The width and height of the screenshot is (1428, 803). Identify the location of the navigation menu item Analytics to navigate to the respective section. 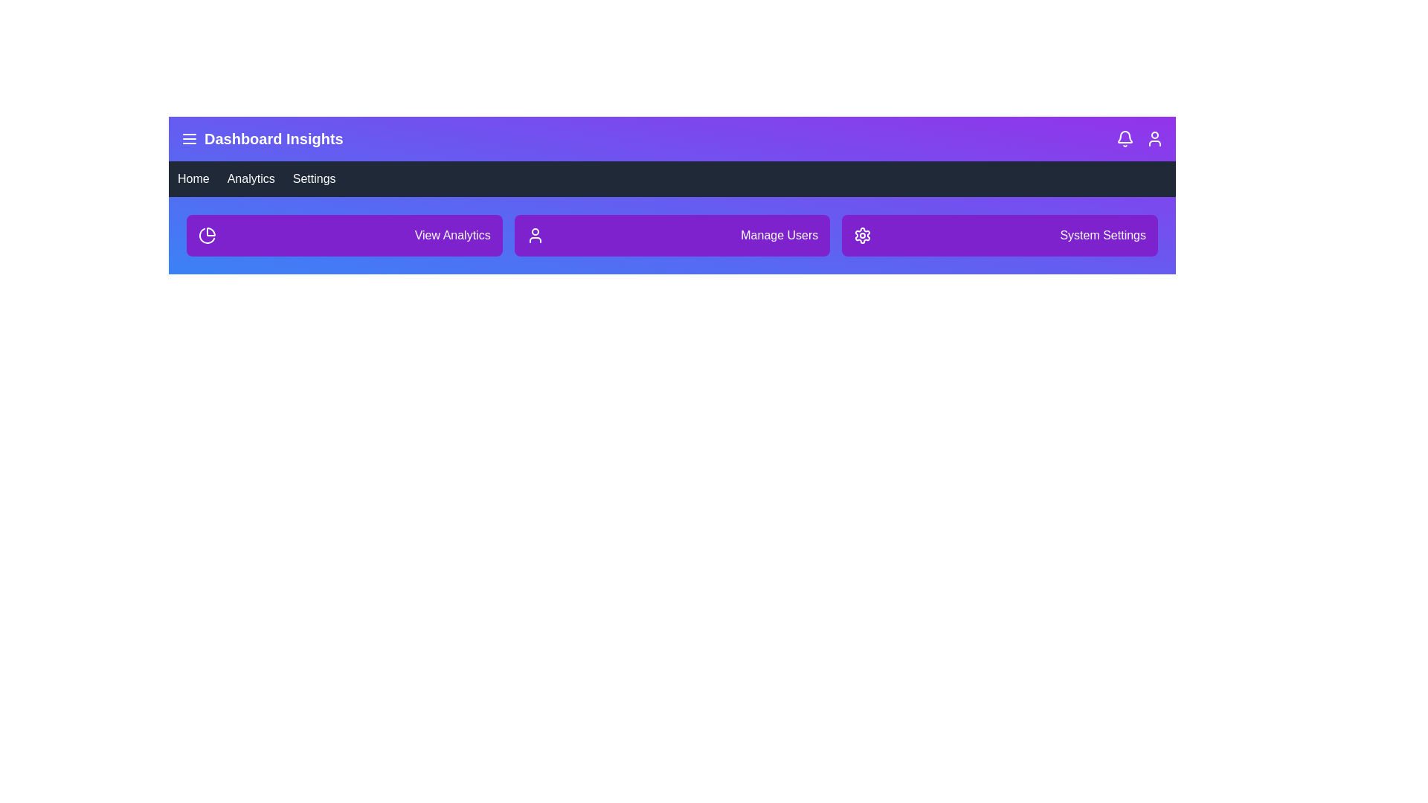
(250, 178).